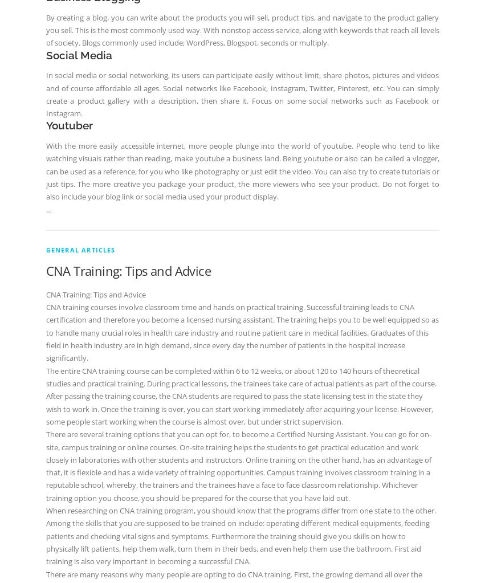 The width and height of the screenshot is (485, 583). Describe the element at coordinates (238, 466) in the screenshot. I see `'There are several training options that you can opt for, to become a Certified Nursing Assistant. You can go for on-site, campus training or online courses. On-site training helps the students to get practical education and work closely in laboratories with other students and instructors. Online training on the other hand, has an advantage of that, it is flexible and has a wide variety of training opportunities. Campus training involves classroom training in a reputable school, whereby, the trainers and the trainees have a face to face classroom relationship. Whichever training option you choose, you should be prepared for the course that you have laid out.'` at that location.